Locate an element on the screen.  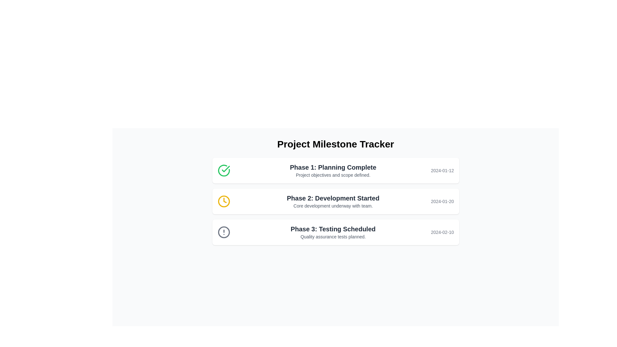
the text label displaying the date '2024-01-12', which is styled in a small gray font and aligned to the right in the third row of the project milestone tracker is located at coordinates (442, 170).